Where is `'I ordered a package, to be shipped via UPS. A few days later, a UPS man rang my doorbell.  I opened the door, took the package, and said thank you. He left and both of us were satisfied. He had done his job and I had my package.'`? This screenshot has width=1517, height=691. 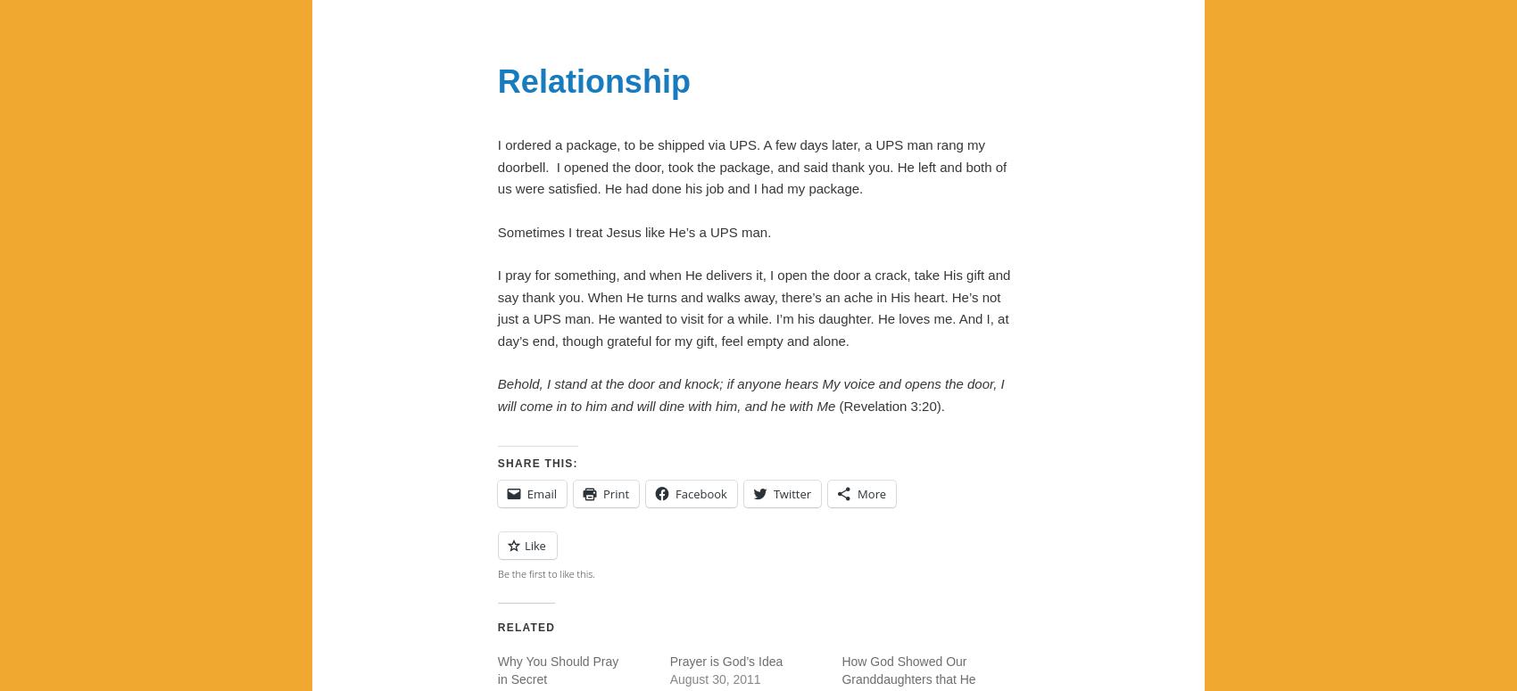
'I ordered a package, to be shipped via UPS. A few days later, a UPS man rang my doorbell.  I opened the door, took the package, and said thank you. He left and both of us were satisfied. He had done his job and I had my package.' is located at coordinates (750, 166).